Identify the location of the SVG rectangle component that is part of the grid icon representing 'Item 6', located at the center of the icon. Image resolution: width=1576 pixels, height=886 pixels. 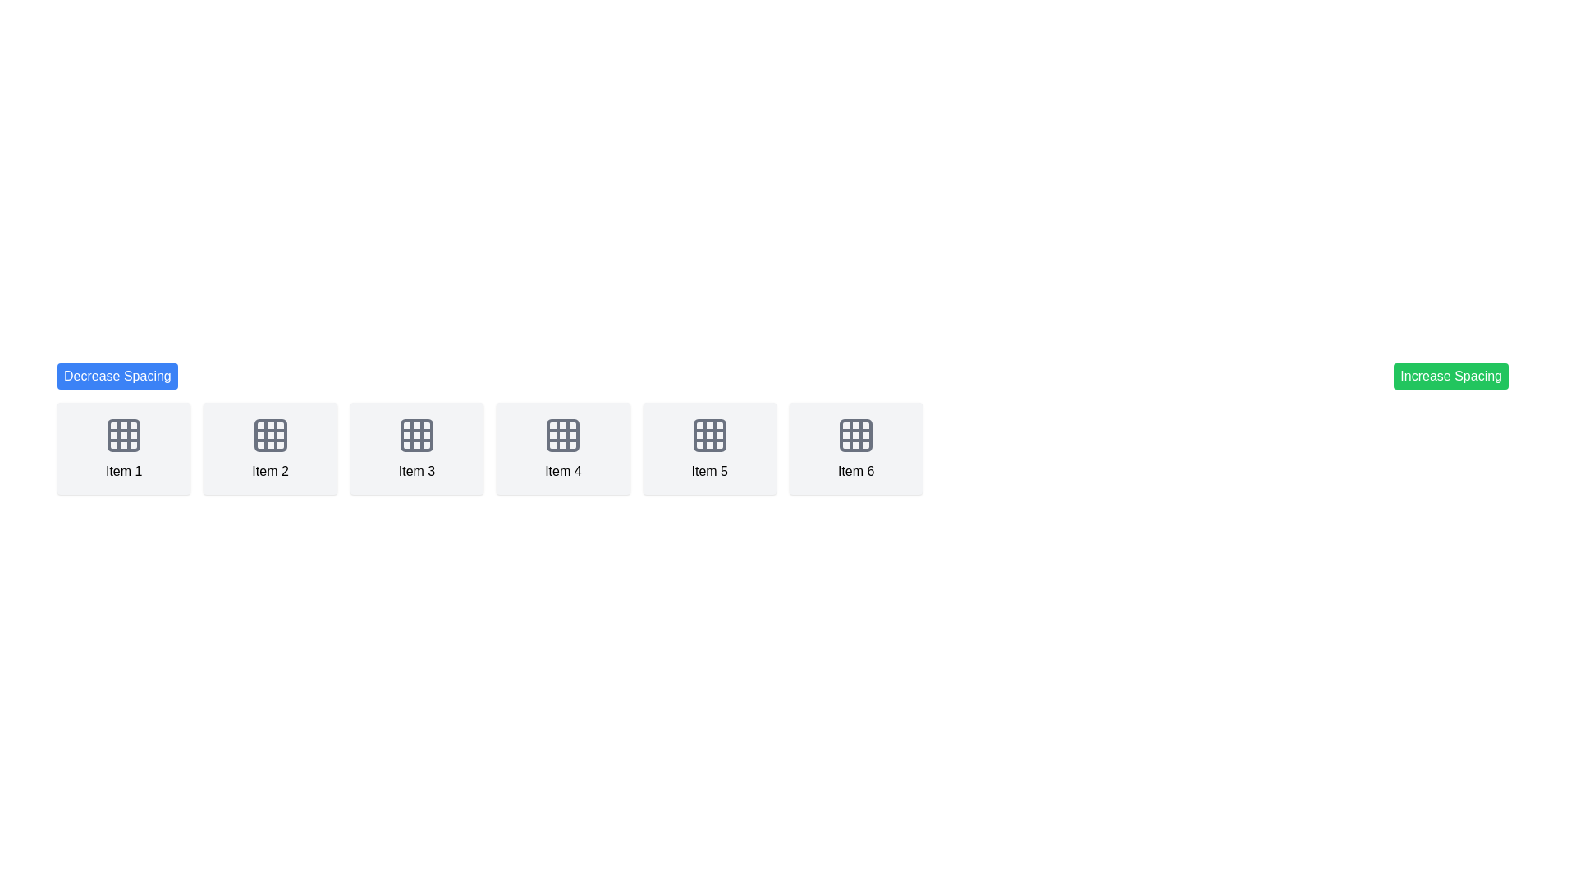
(855, 435).